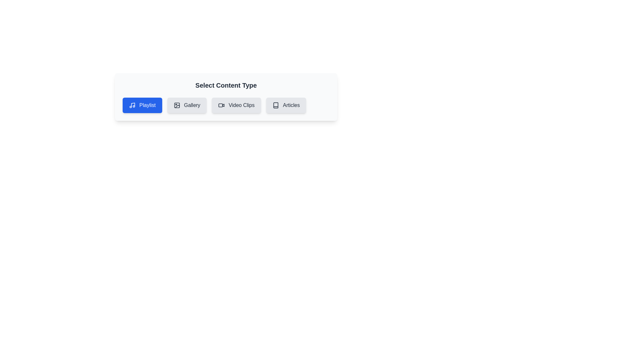 Image resolution: width=618 pixels, height=348 pixels. Describe the element at coordinates (186, 105) in the screenshot. I see `the chip labeled Gallery to select it` at that location.